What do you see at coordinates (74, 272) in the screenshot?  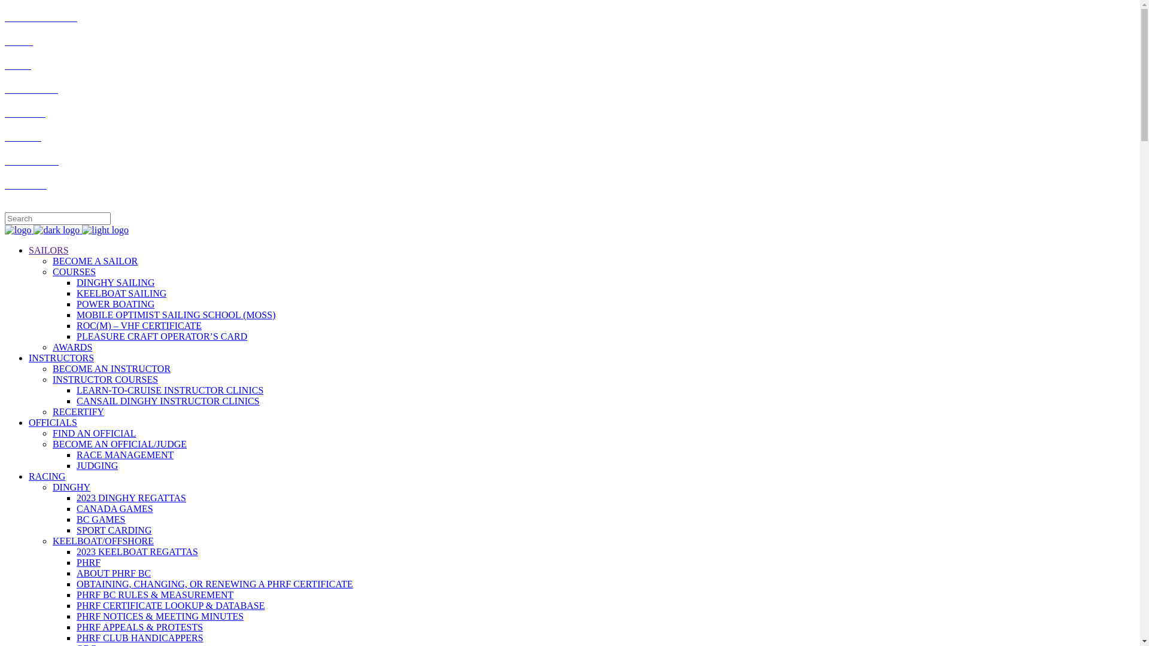 I see `'COURSES'` at bounding box center [74, 272].